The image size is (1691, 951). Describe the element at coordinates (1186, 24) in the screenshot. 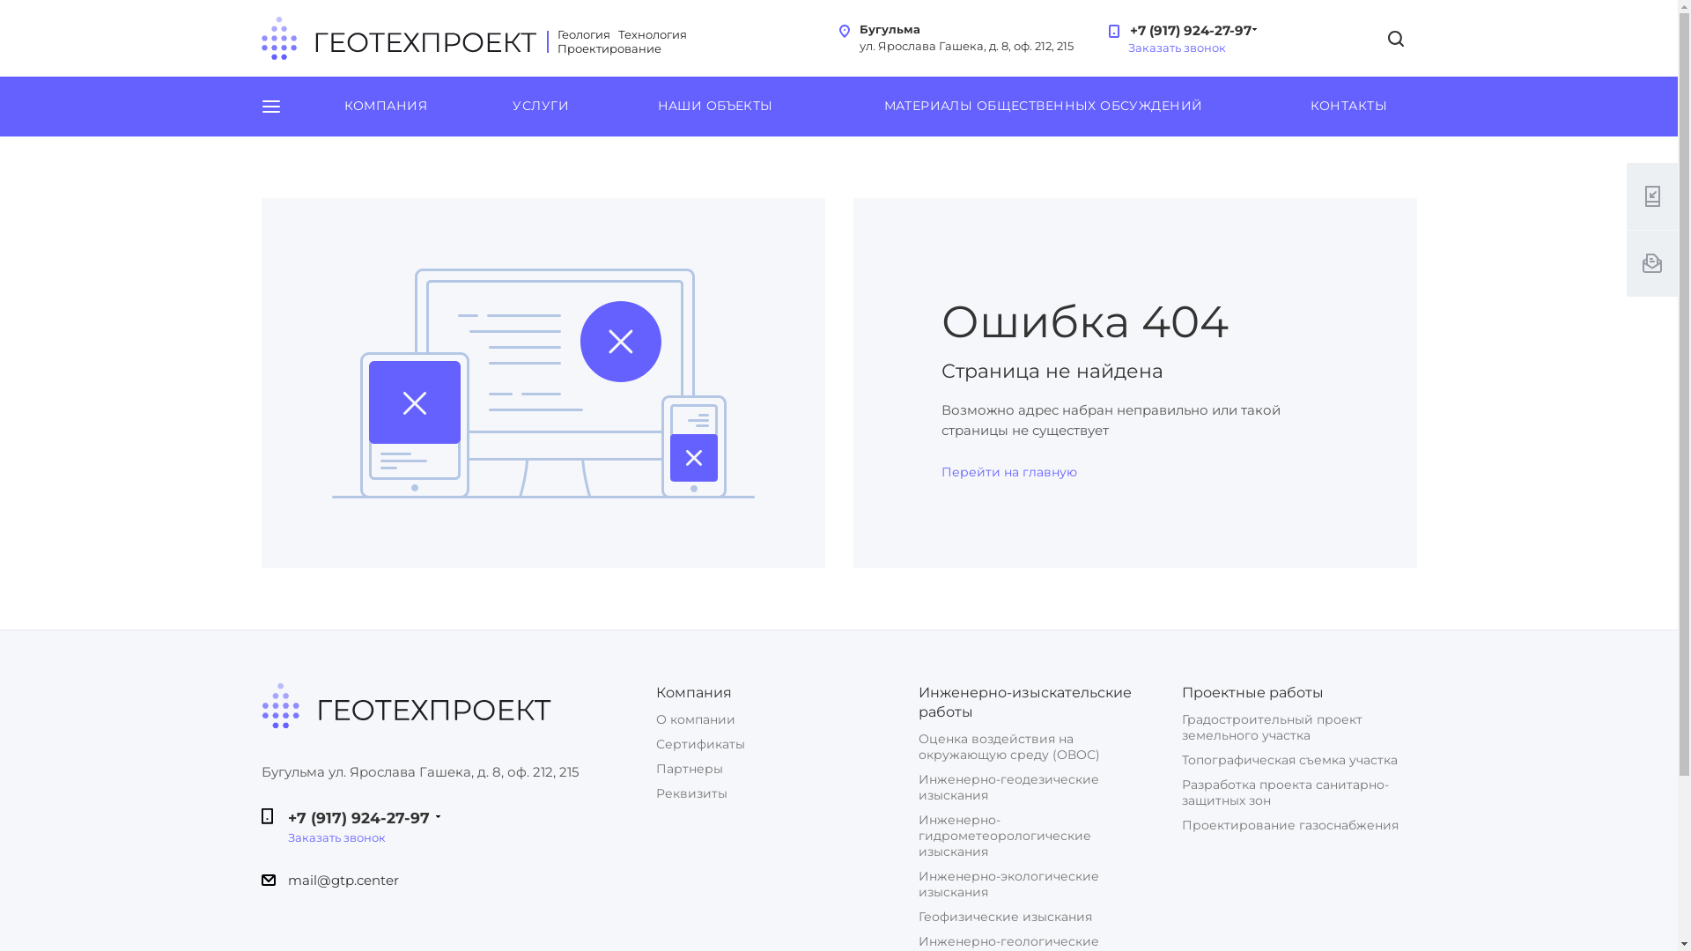

I see `'+7 (917) 924-27-97'` at that location.